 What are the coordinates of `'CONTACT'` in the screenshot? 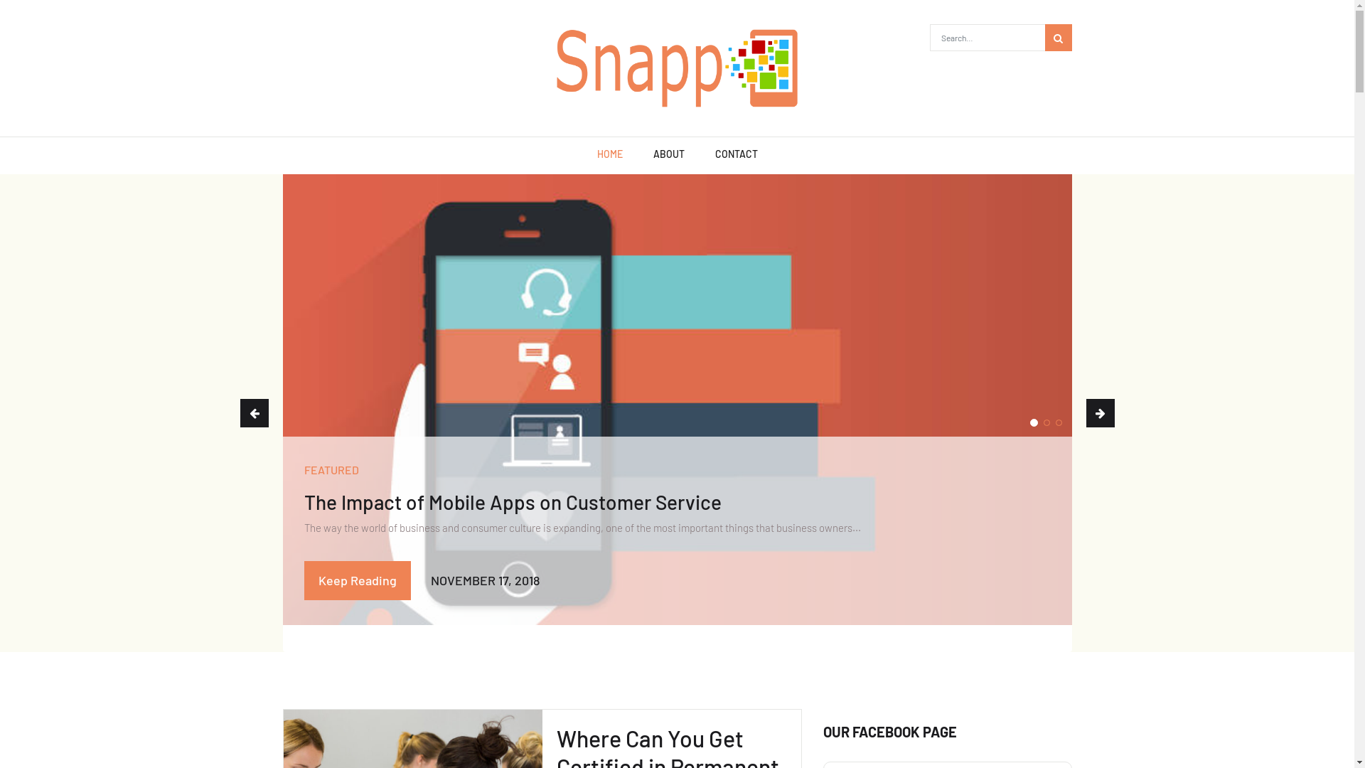 It's located at (737, 156).